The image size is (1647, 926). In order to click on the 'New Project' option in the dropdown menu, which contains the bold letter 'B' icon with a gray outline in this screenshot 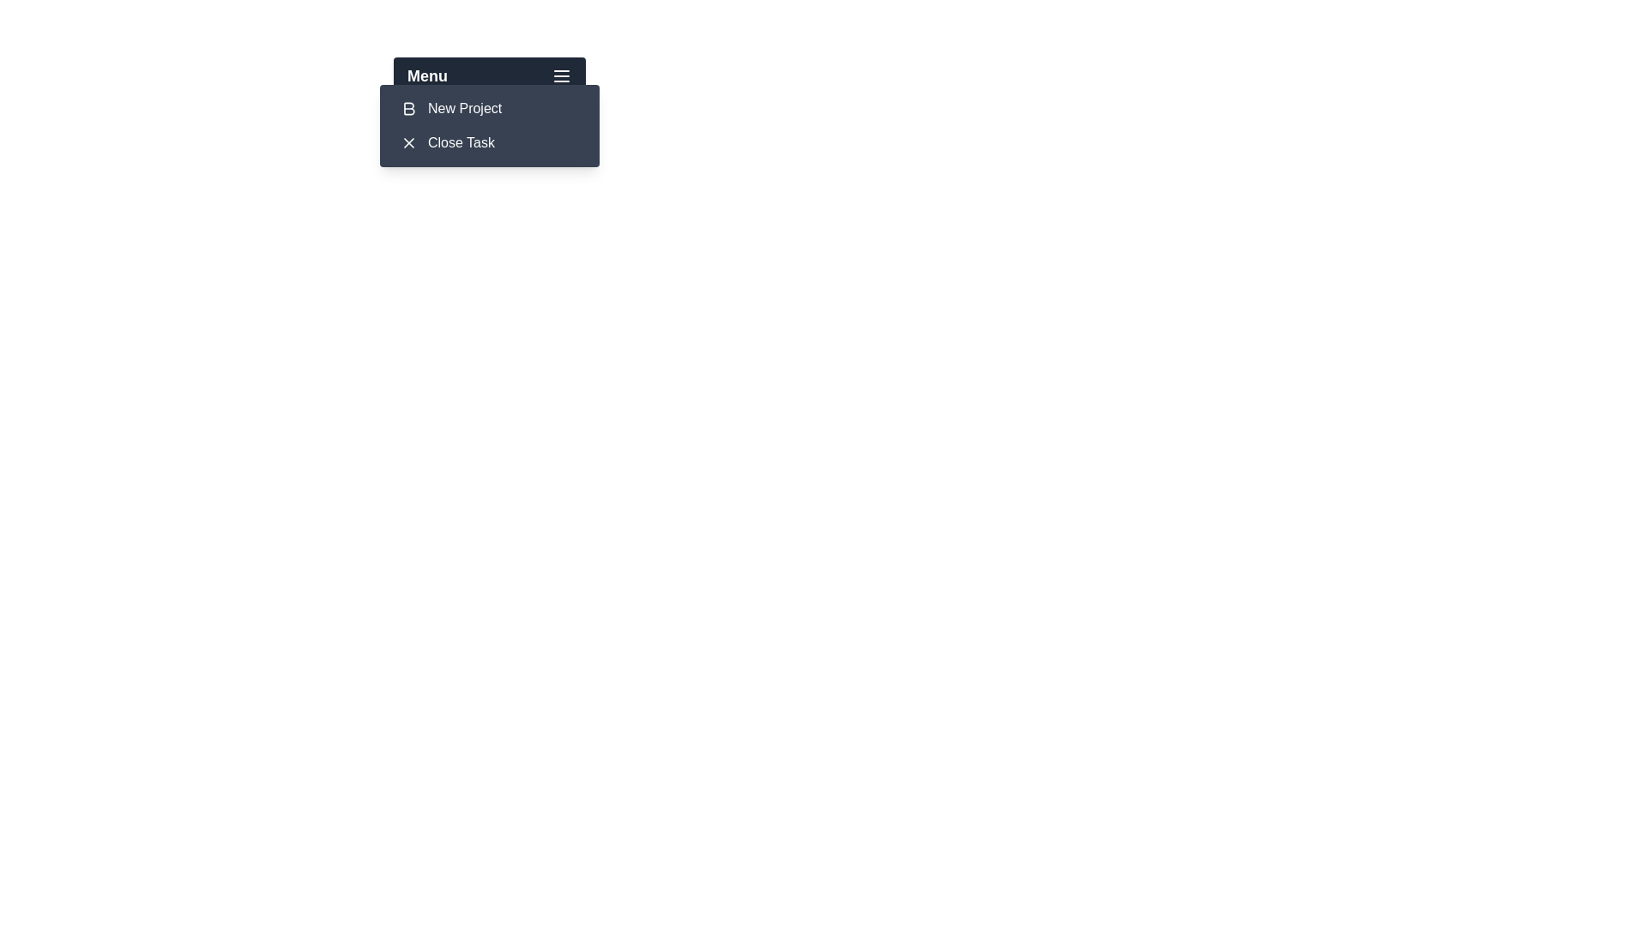, I will do `click(407, 109)`.